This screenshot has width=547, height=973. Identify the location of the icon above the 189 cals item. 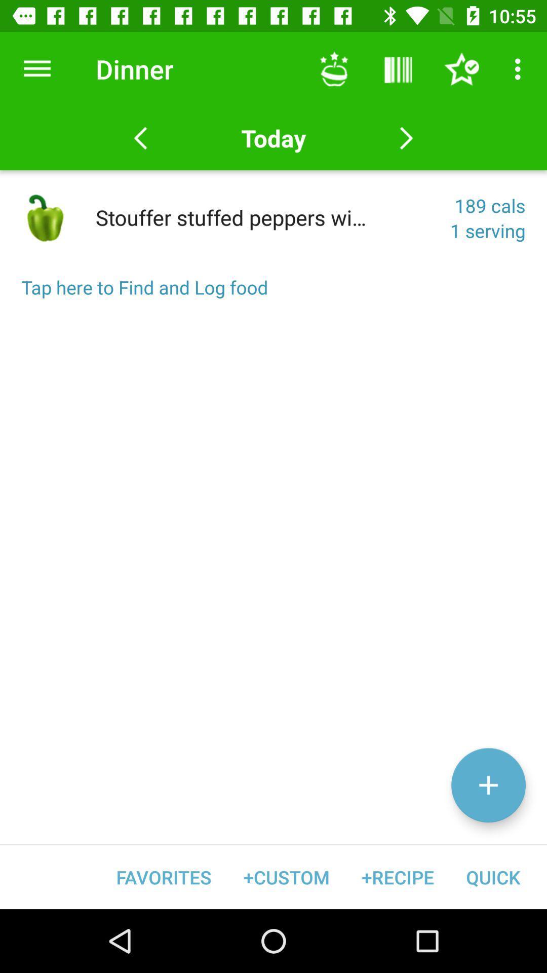
(273, 138).